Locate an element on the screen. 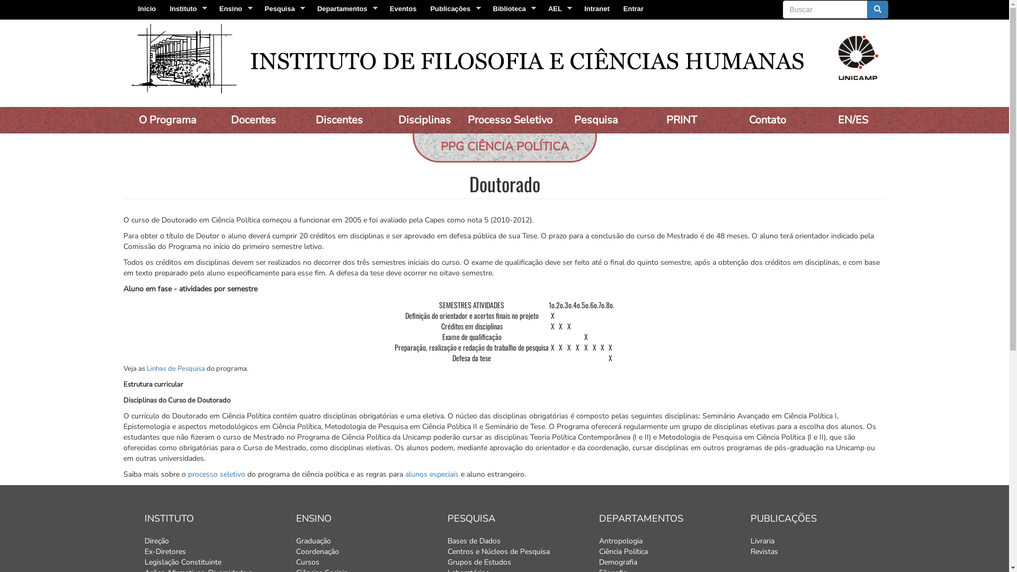 The width and height of the screenshot is (1017, 572). 'Grupos de Estudos' is located at coordinates (514, 561).